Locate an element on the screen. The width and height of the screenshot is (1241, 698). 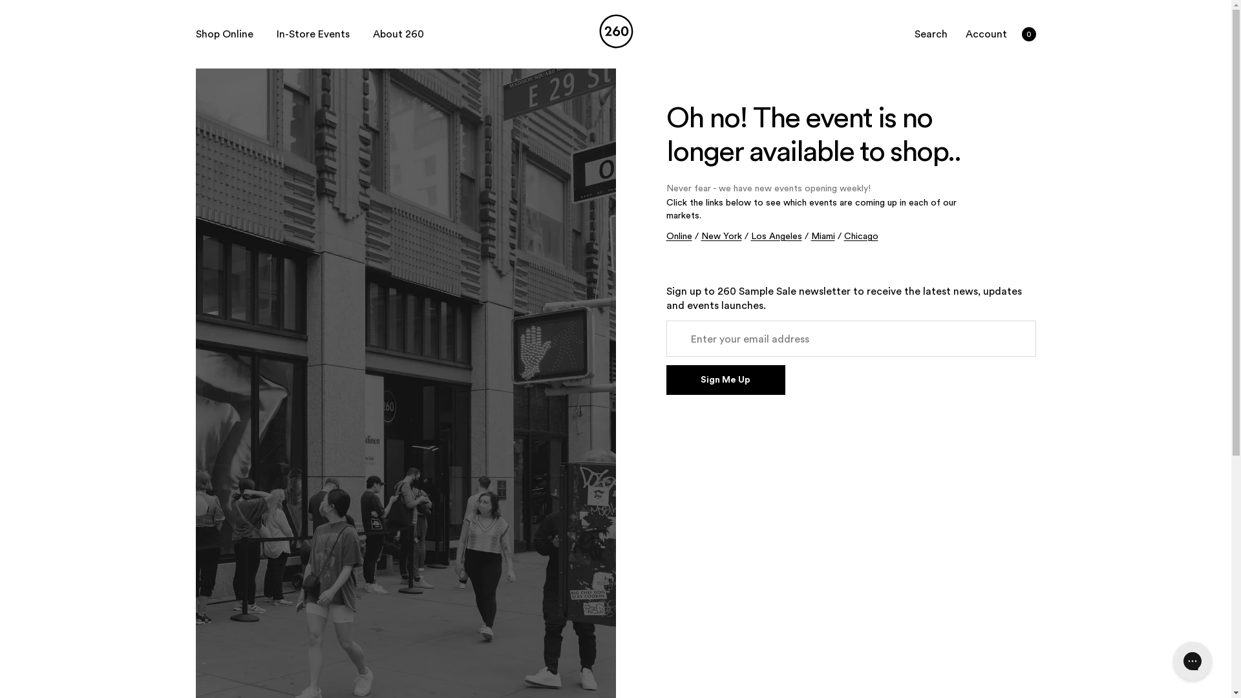
'New York' is located at coordinates (720, 237).